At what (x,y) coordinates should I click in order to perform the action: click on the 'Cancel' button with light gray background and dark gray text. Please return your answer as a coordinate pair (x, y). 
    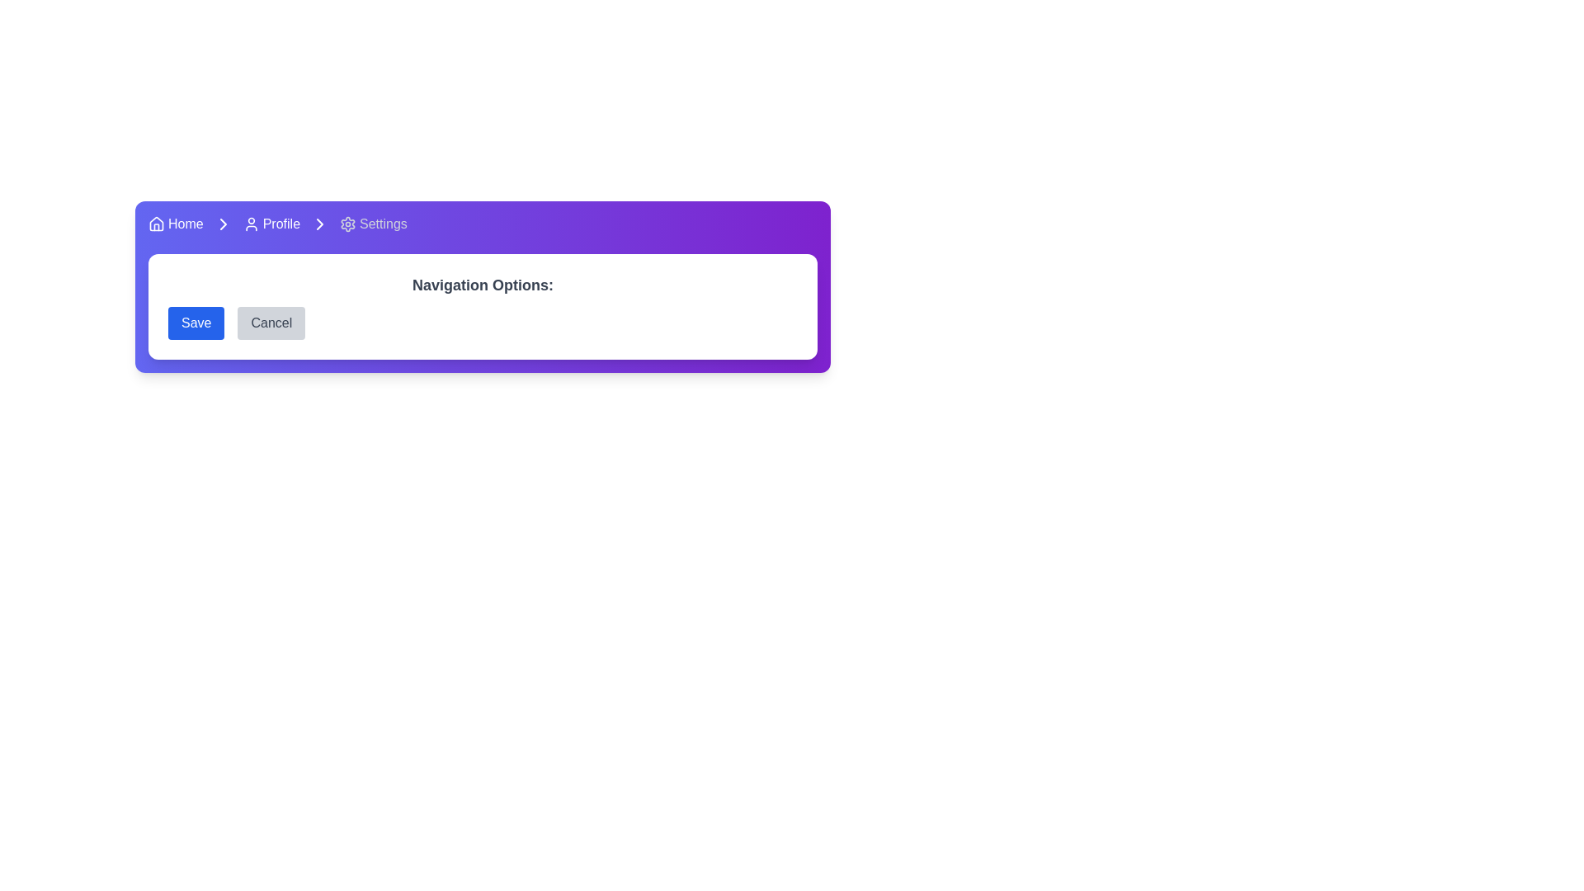
    Looking at the image, I should click on (271, 323).